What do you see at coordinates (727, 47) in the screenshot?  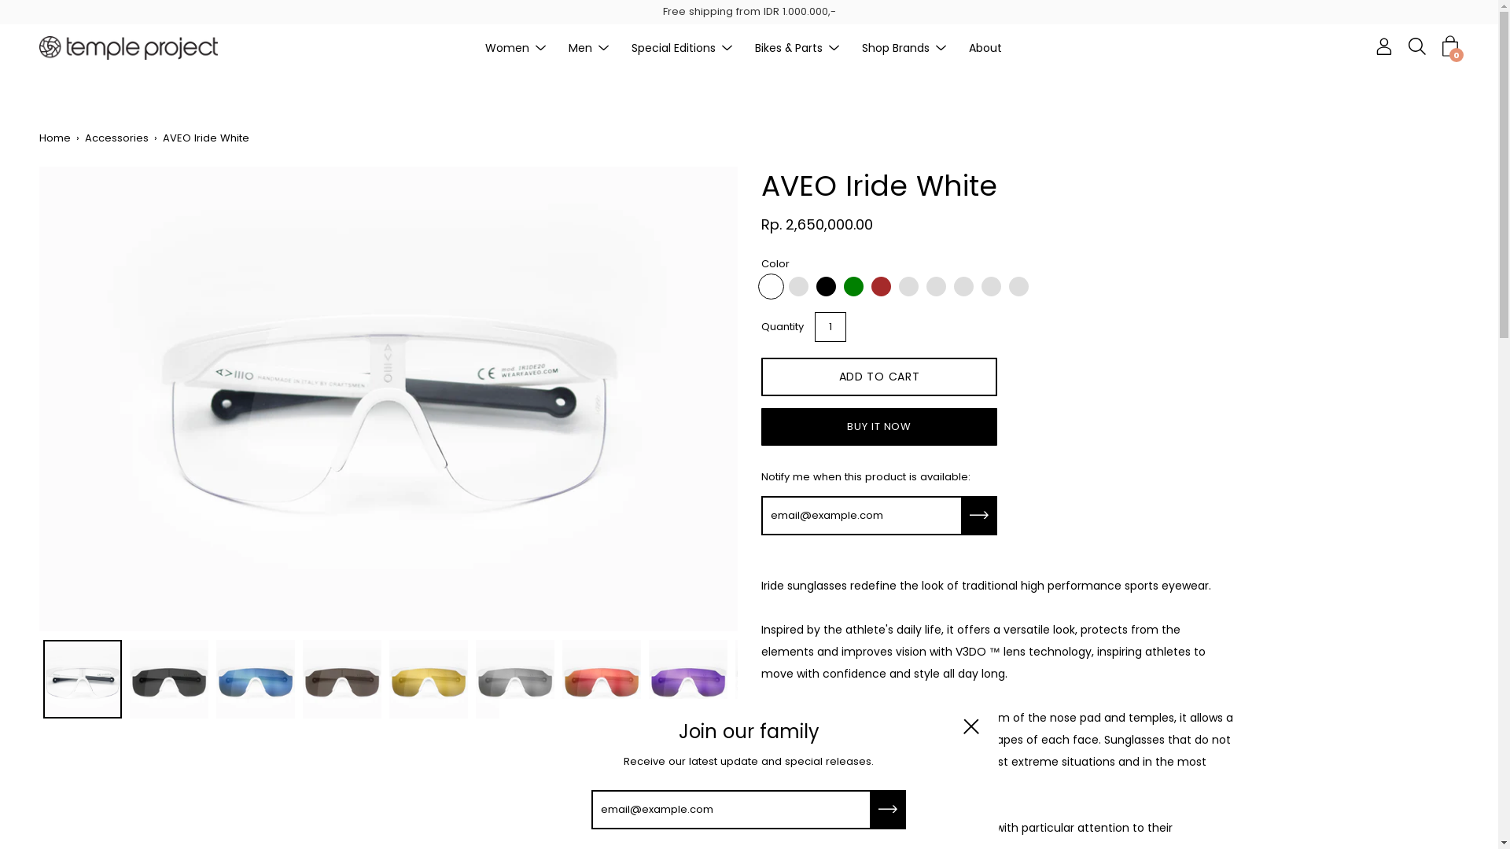 I see `'Show submenu'` at bounding box center [727, 47].